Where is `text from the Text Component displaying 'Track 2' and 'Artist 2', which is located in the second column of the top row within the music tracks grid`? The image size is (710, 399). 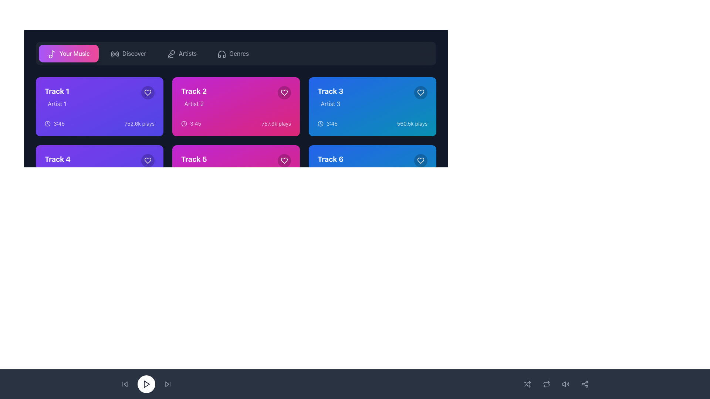 text from the Text Component displaying 'Track 2' and 'Artist 2', which is located in the second column of the top row within the music tracks grid is located at coordinates (194, 96).